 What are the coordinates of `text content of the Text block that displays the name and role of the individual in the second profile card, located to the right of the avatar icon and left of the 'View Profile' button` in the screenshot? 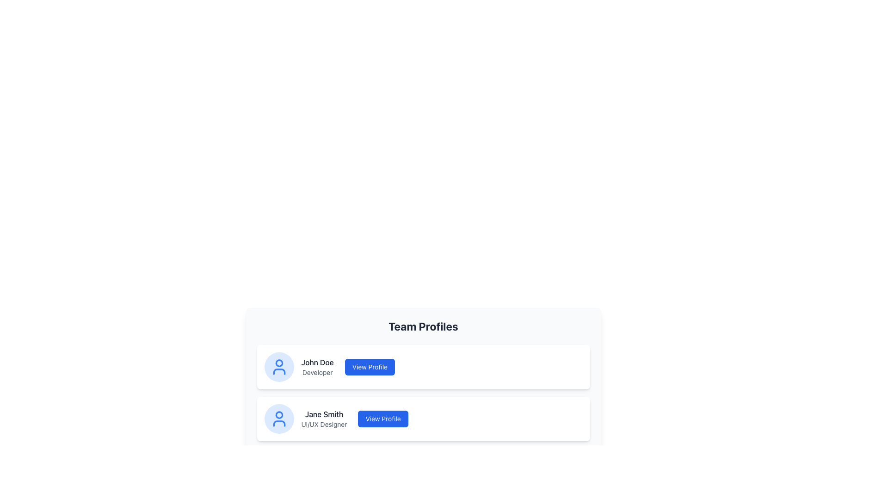 It's located at (324, 419).